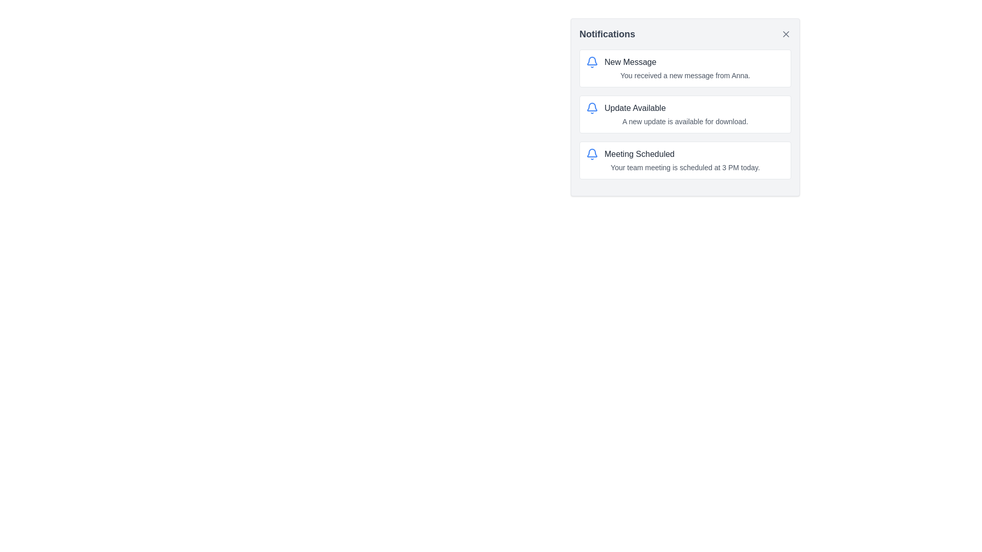  Describe the element at coordinates (685, 75) in the screenshot. I see `the text label that displays 'You received a new message from Anna.' located below the 'New Message' heading inside the notification box` at that location.